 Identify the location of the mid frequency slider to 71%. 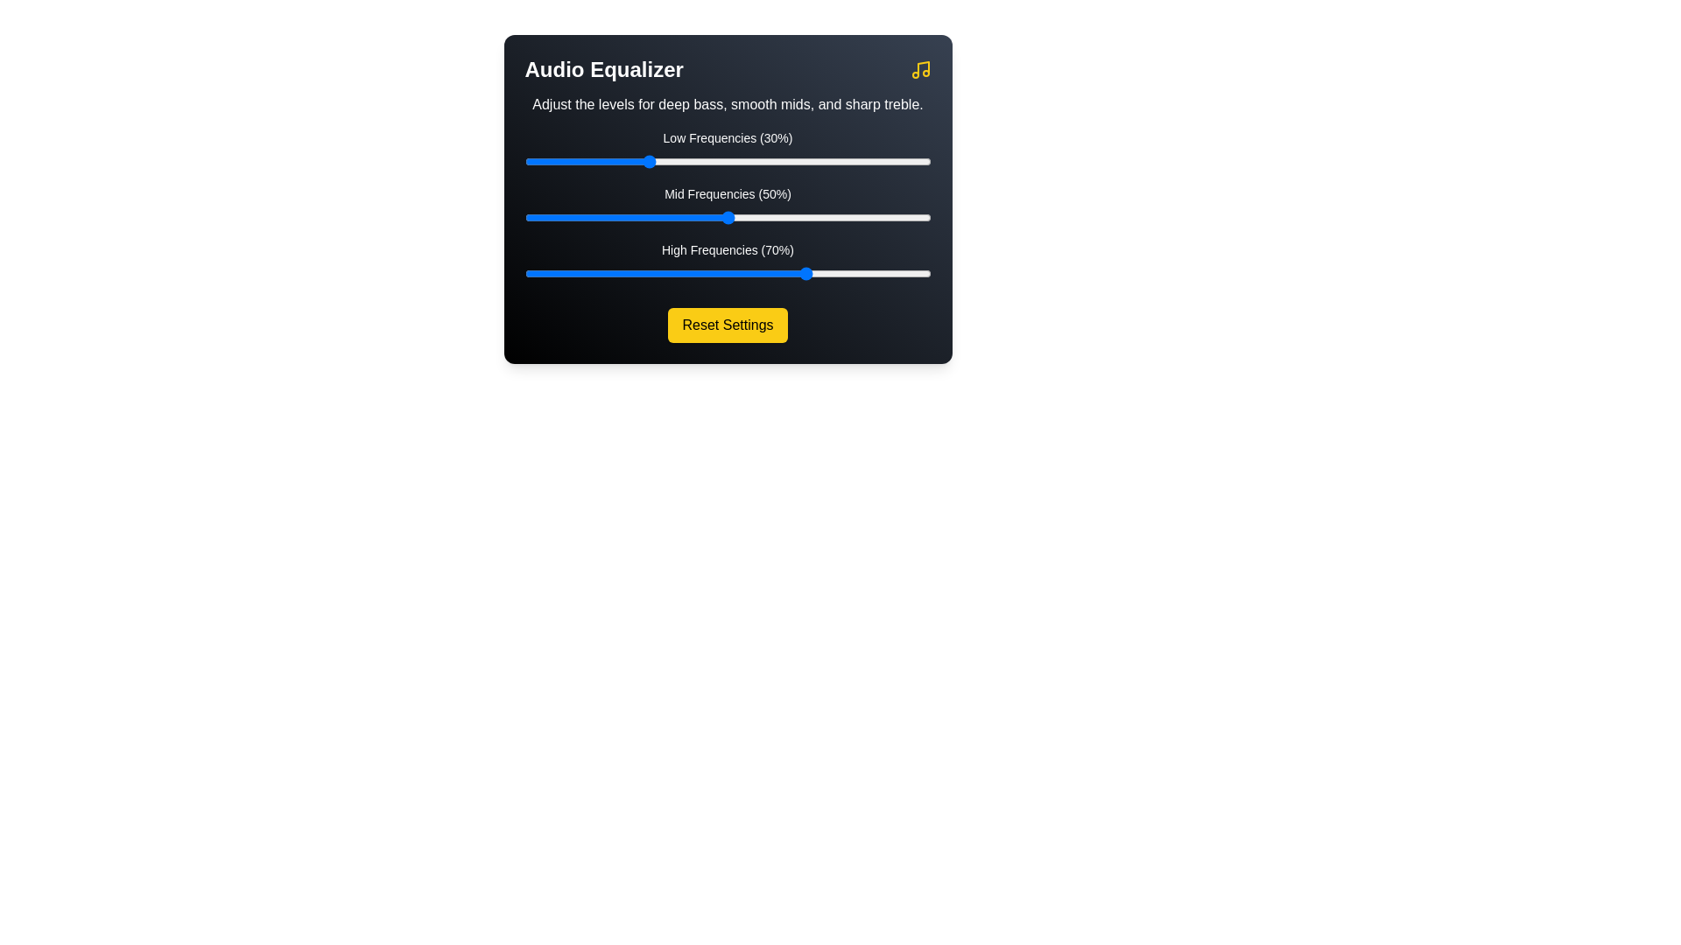
(812, 217).